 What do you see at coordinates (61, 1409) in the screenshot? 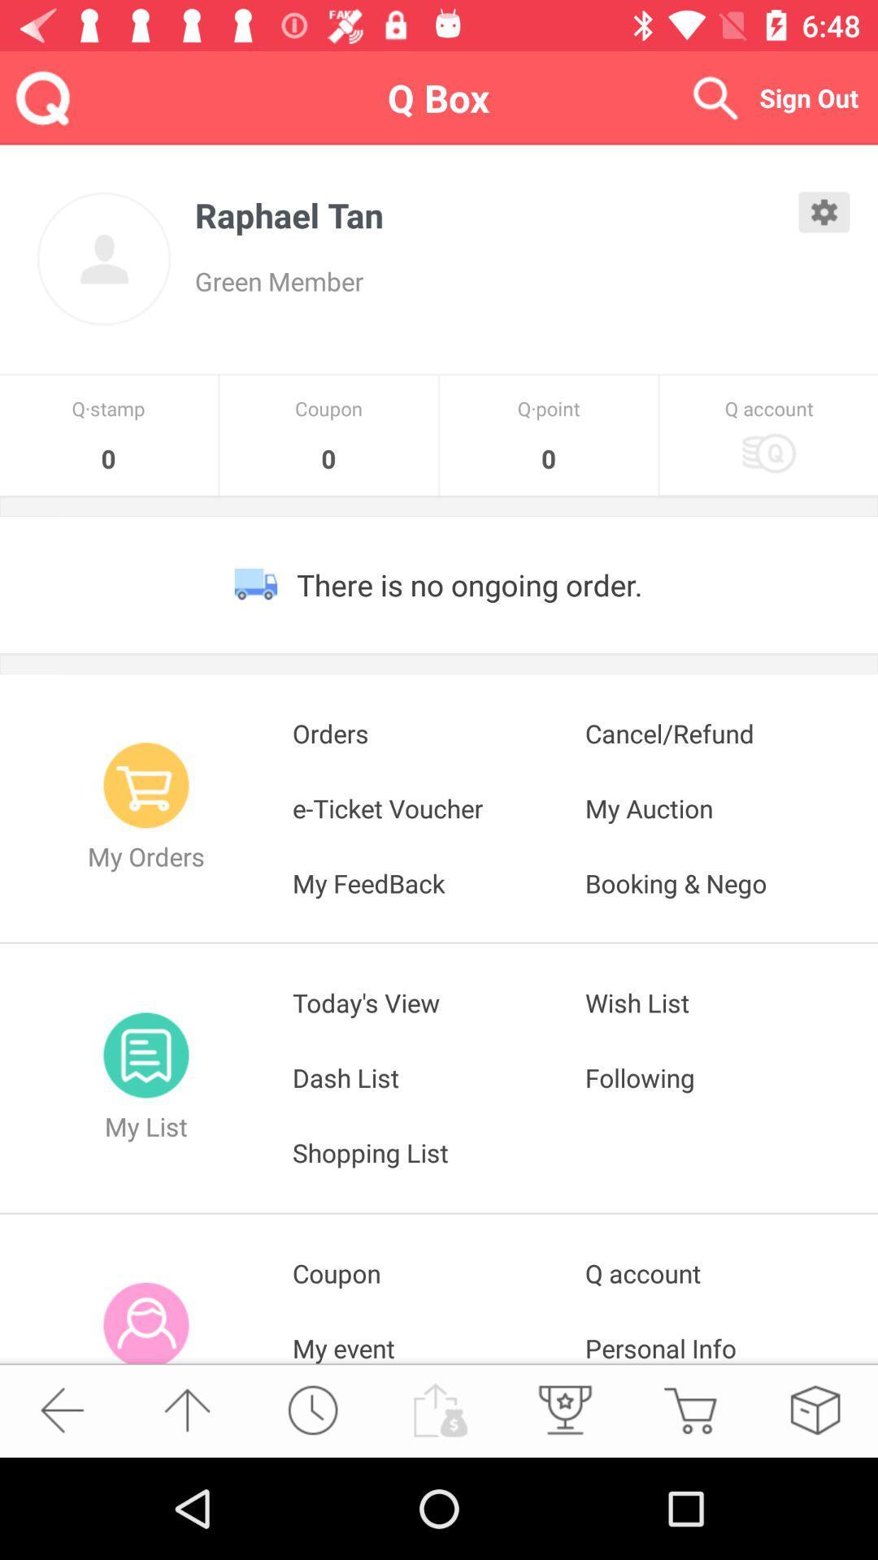
I see `the icon below my info app` at bounding box center [61, 1409].